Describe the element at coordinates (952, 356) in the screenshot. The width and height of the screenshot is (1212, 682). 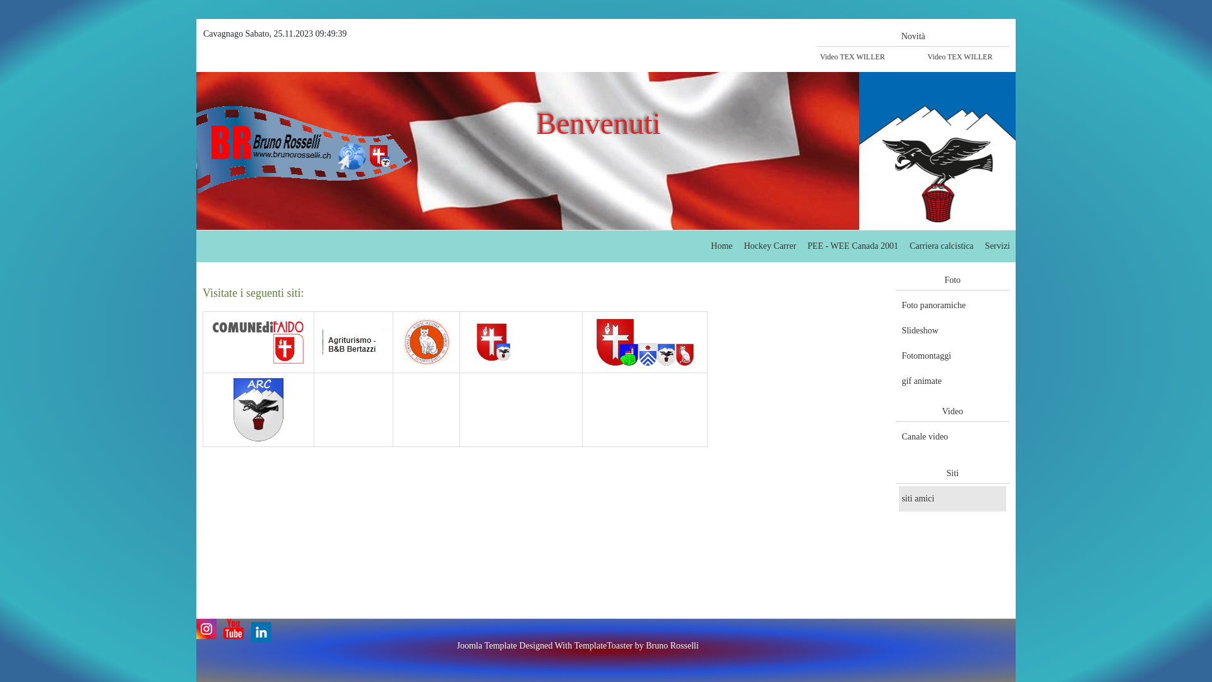
I see `'Fotomontaggi'` at that location.